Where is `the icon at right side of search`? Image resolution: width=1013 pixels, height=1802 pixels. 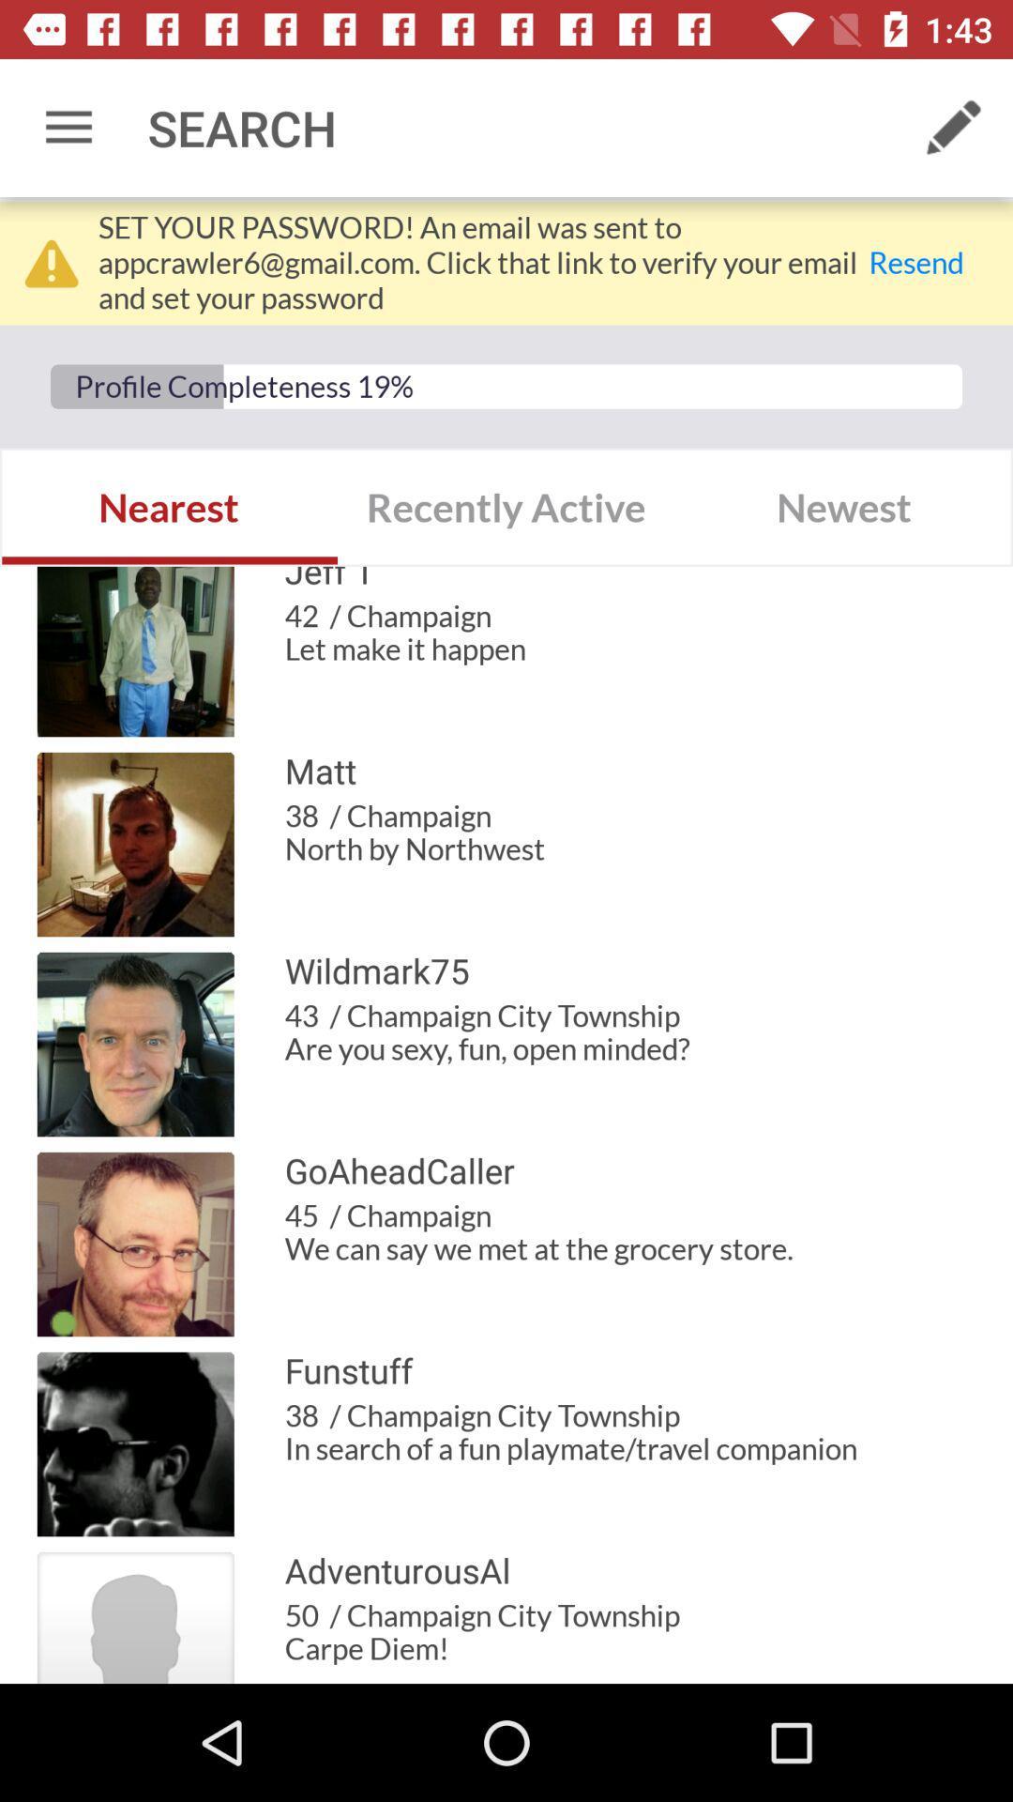
the icon at right side of search is located at coordinates (954, 128).